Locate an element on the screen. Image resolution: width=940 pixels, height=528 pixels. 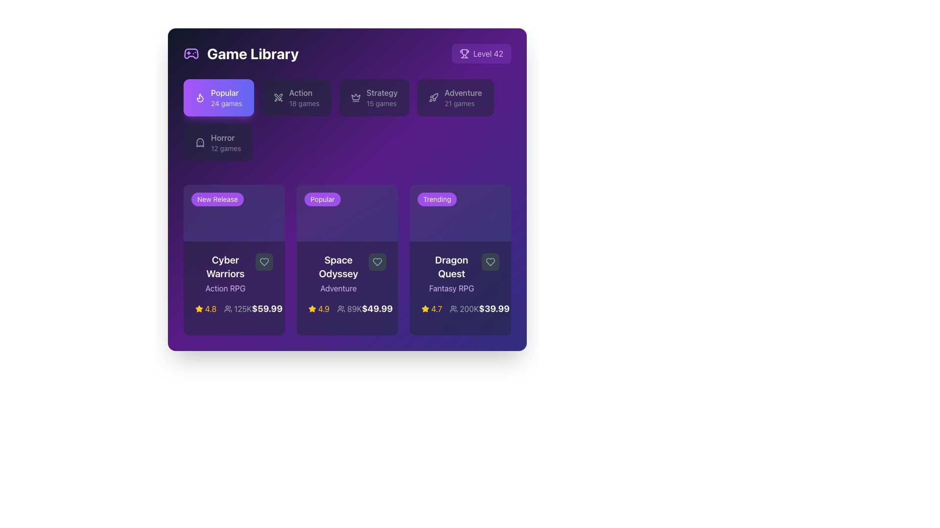
the information display section at the bottom of the 'Dragon Quest' card in the third column of the grid layout under the 'Trending' tag is located at coordinates (460, 309).